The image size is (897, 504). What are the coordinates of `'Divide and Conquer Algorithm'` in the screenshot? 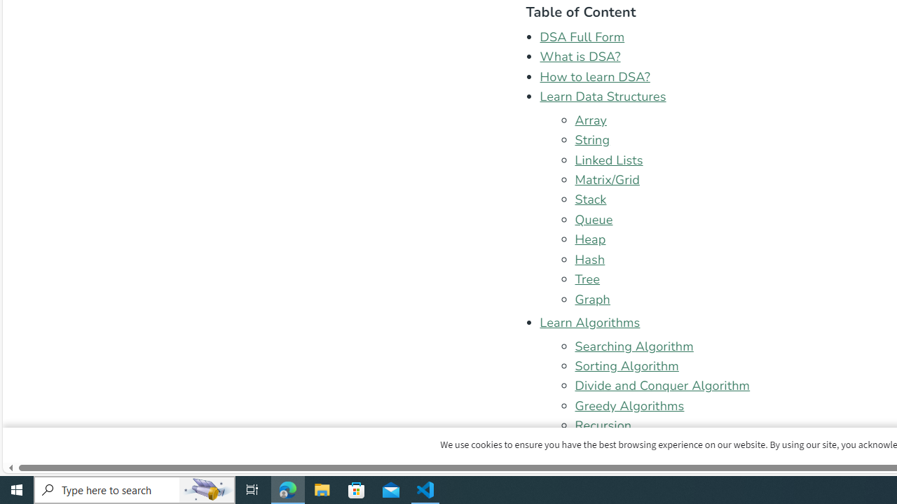 It's located at (662, 386).